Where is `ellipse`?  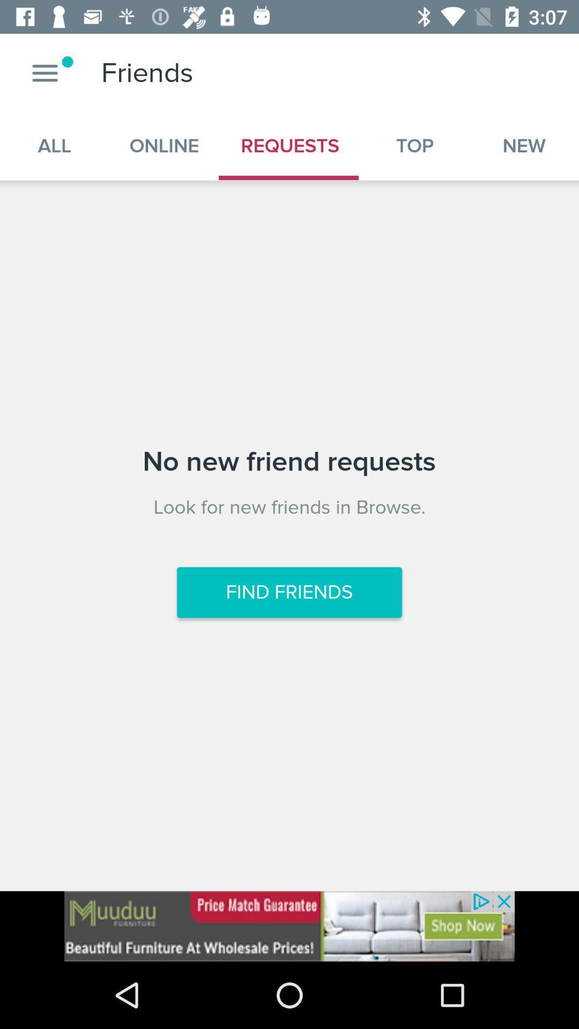
ellipse is located at coordinates (44, 72).